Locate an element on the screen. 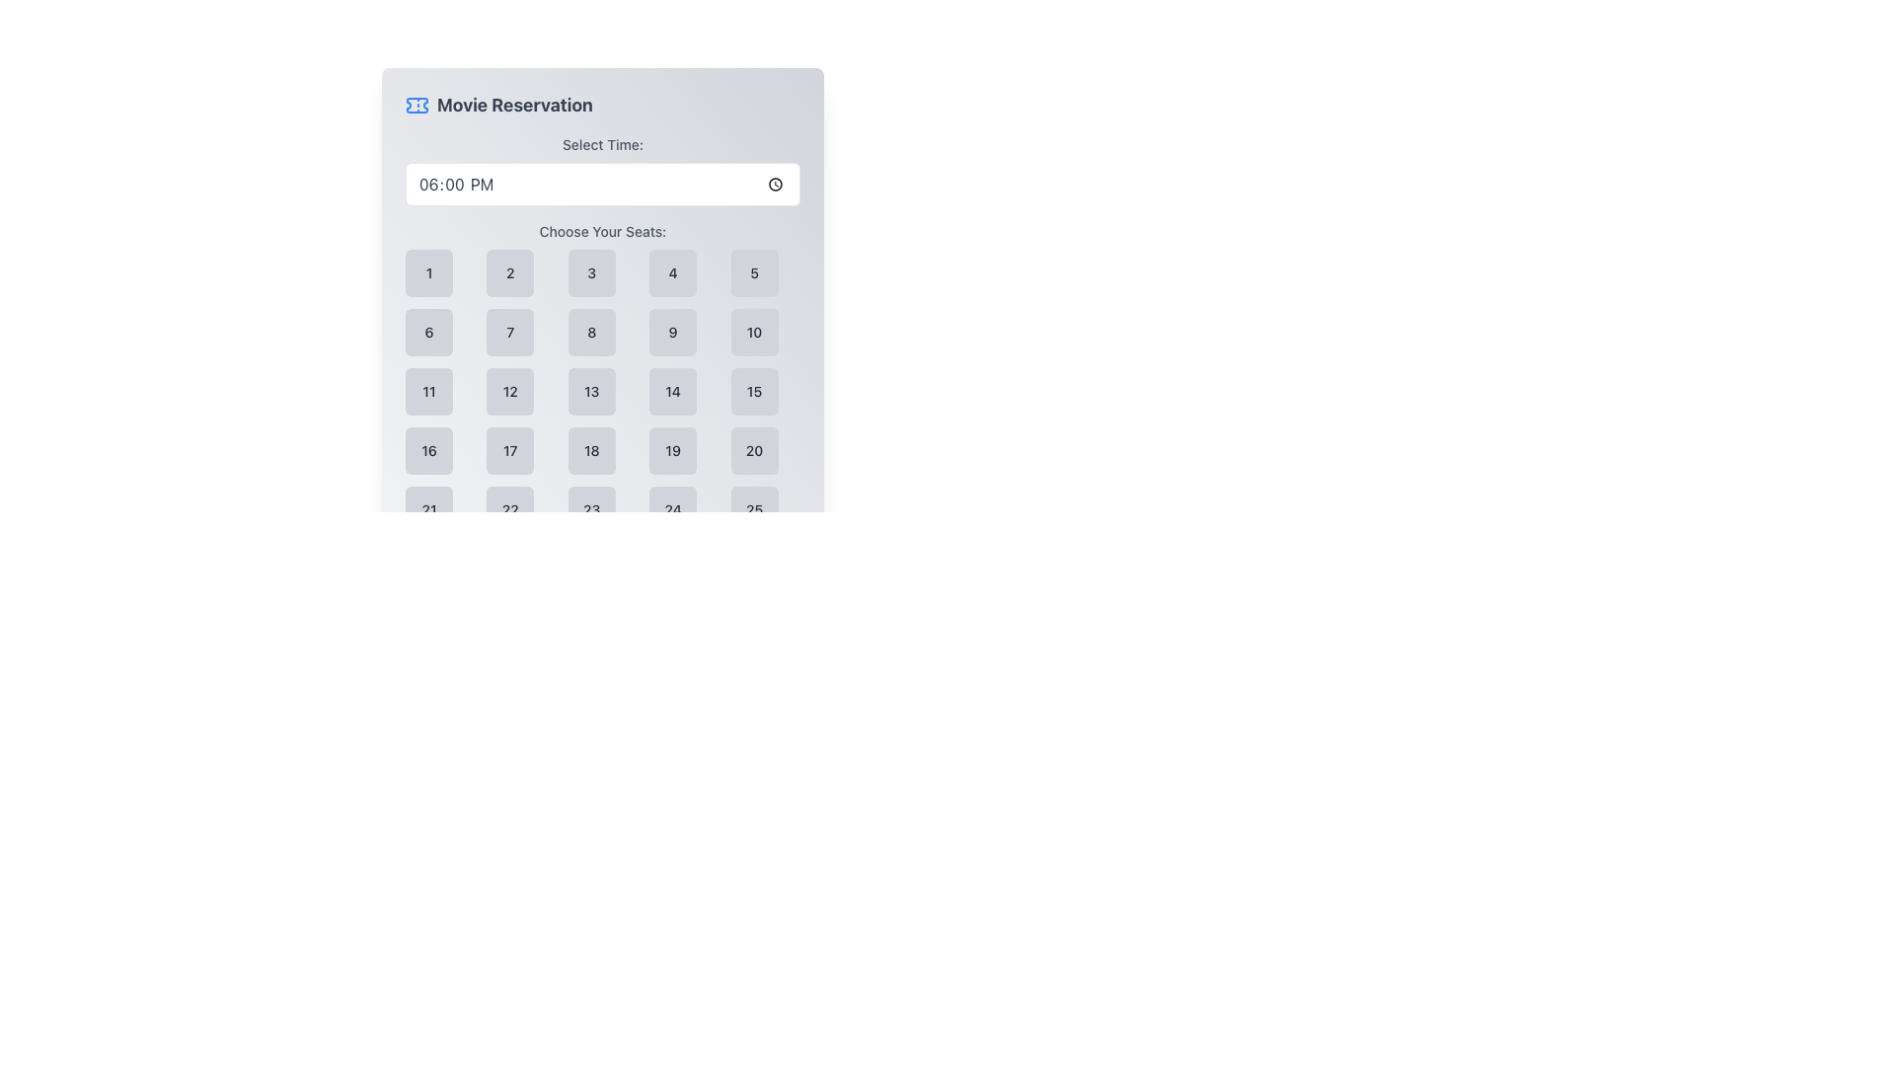 The height and width of the screenshot is (1066, 1895). the square-shaped button displaying the number '2' is located at coordinates (510, 273).